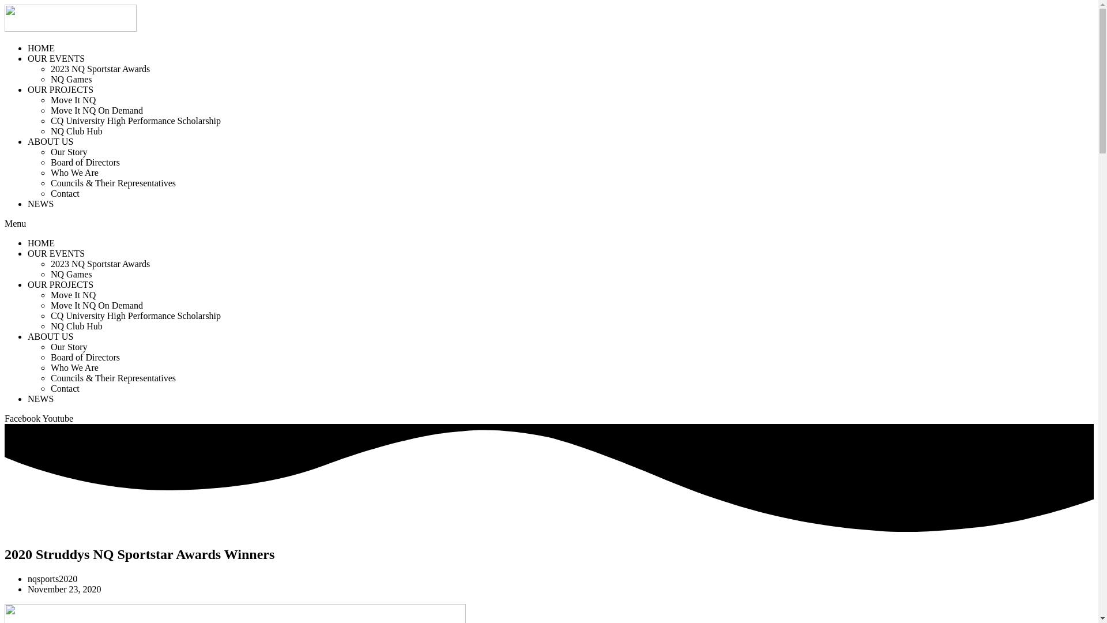  What do you see at coordinates (100, 69) in the screenshot?
I see `'2023 NQ Sportstar Awards'` at bounding box center [100, 69].